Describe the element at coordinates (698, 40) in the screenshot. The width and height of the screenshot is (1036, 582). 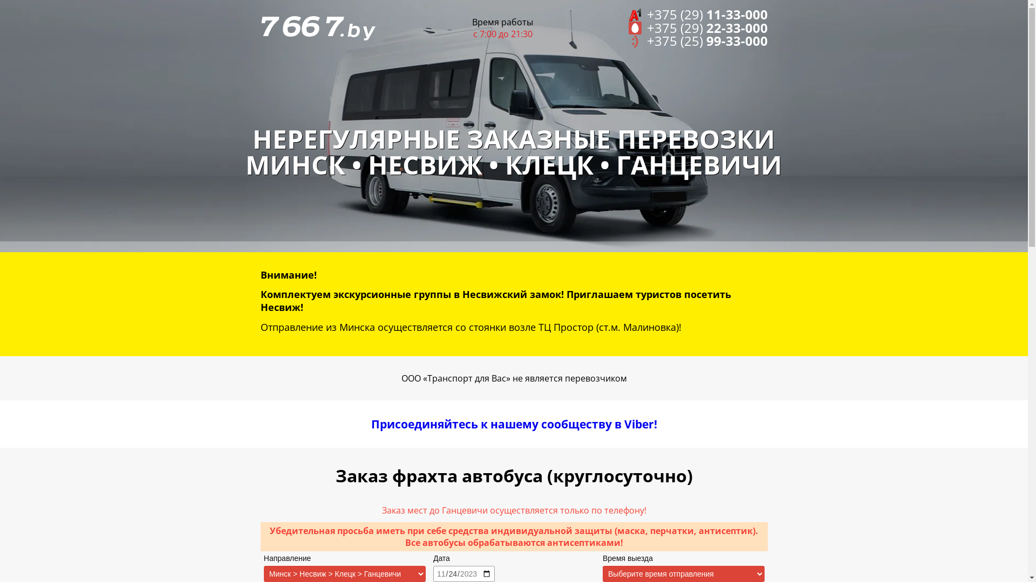
I see `'+375 (25) 99-33-000'` at that location.